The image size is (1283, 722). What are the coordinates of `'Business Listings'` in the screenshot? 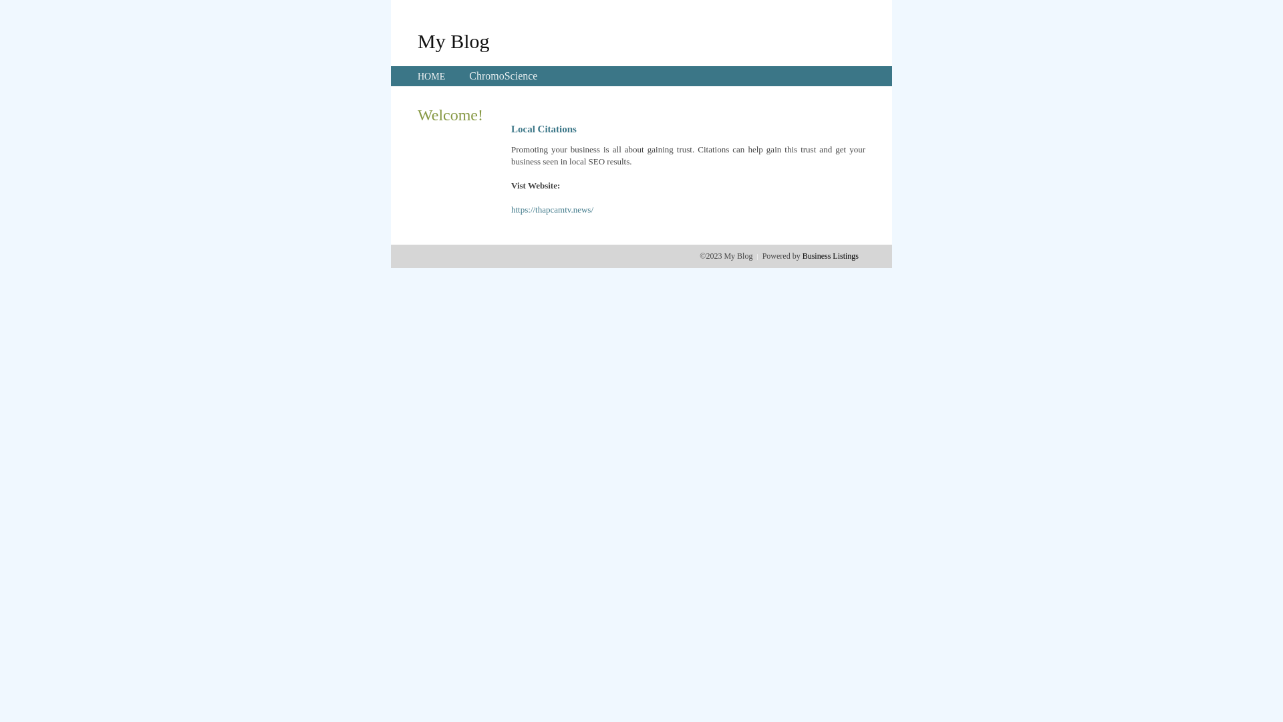 It's located at (802, 255).